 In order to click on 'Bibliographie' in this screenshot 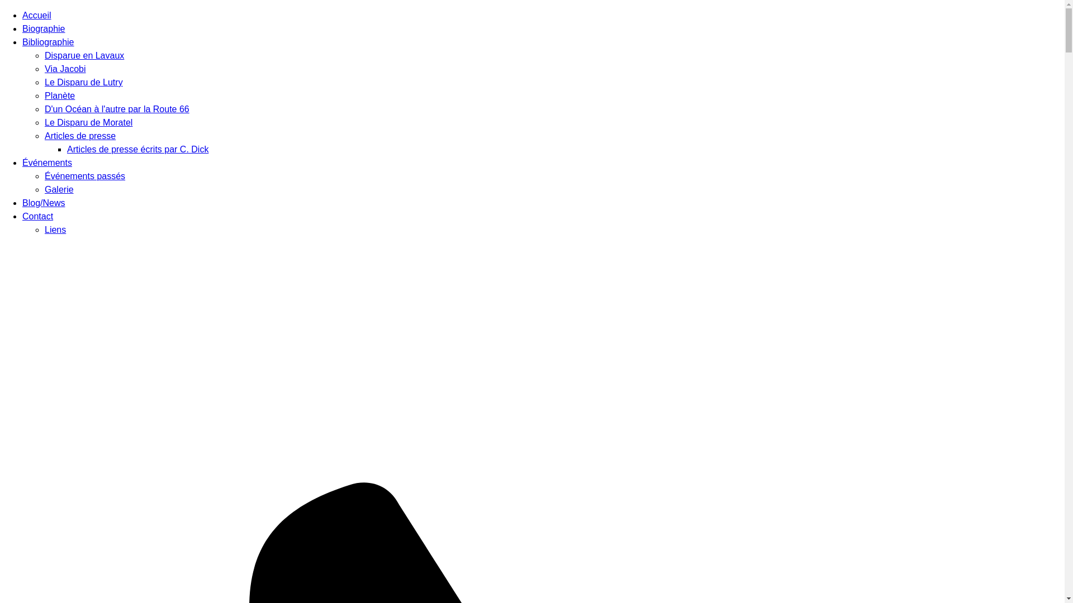, I will do `click(48, 41)`.